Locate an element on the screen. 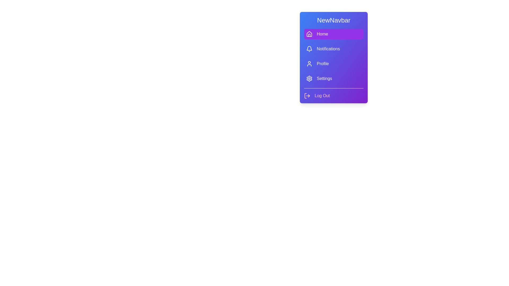  the house icon located to the left of the 'Home' text label in the vertical navigation menu is located at coordinates (309, 34).